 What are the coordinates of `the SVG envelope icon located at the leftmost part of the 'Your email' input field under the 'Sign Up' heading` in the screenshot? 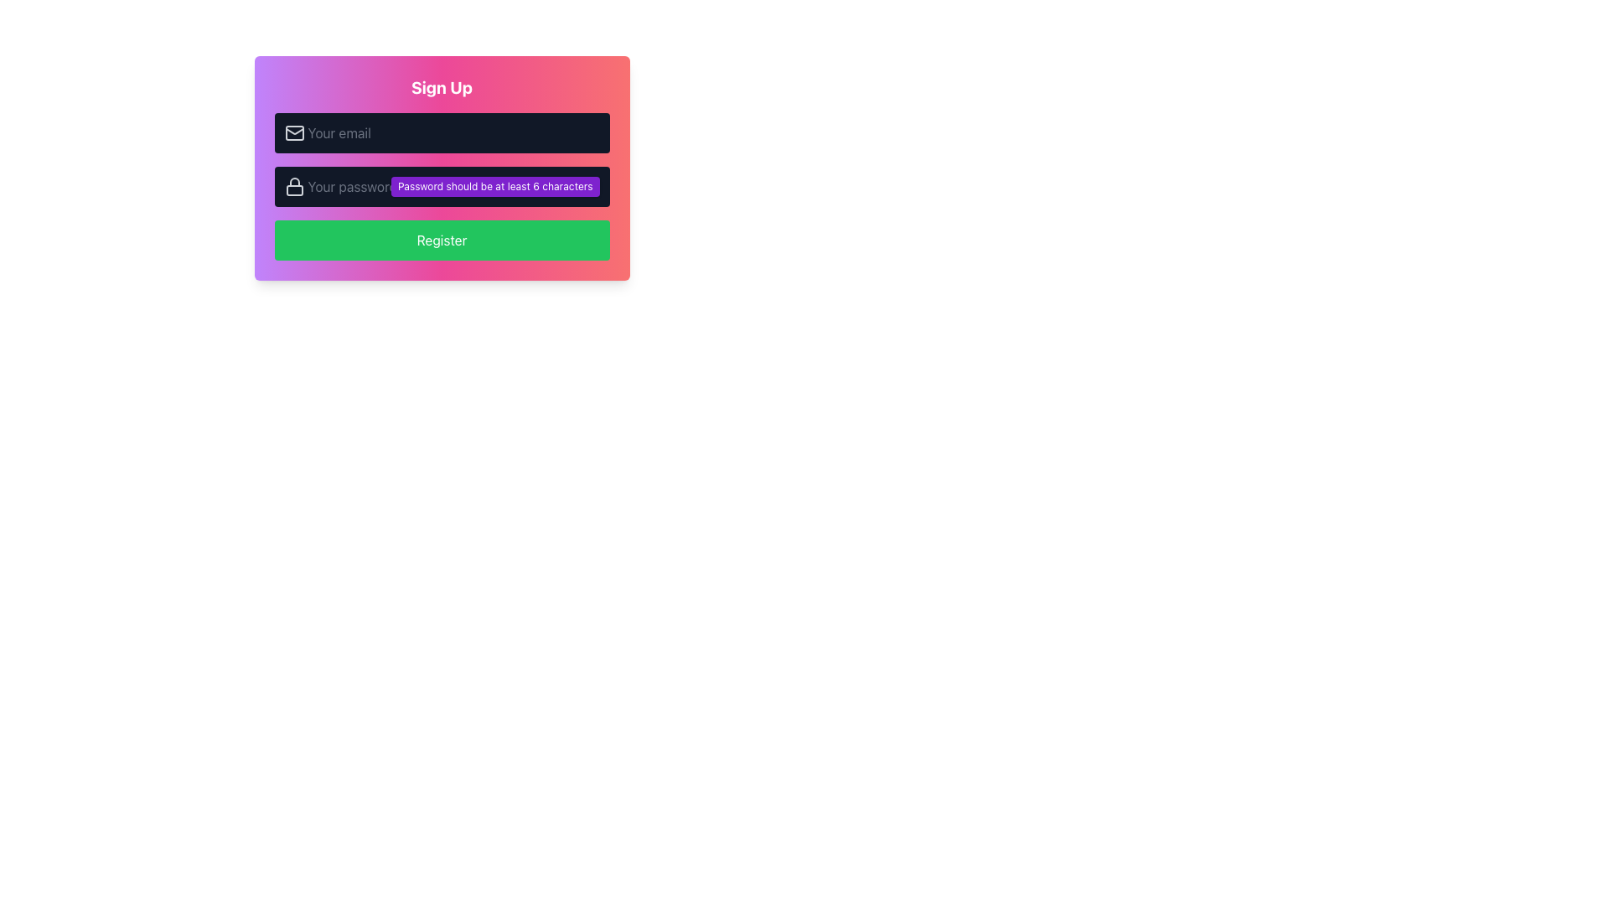 It's located at (294, 132).